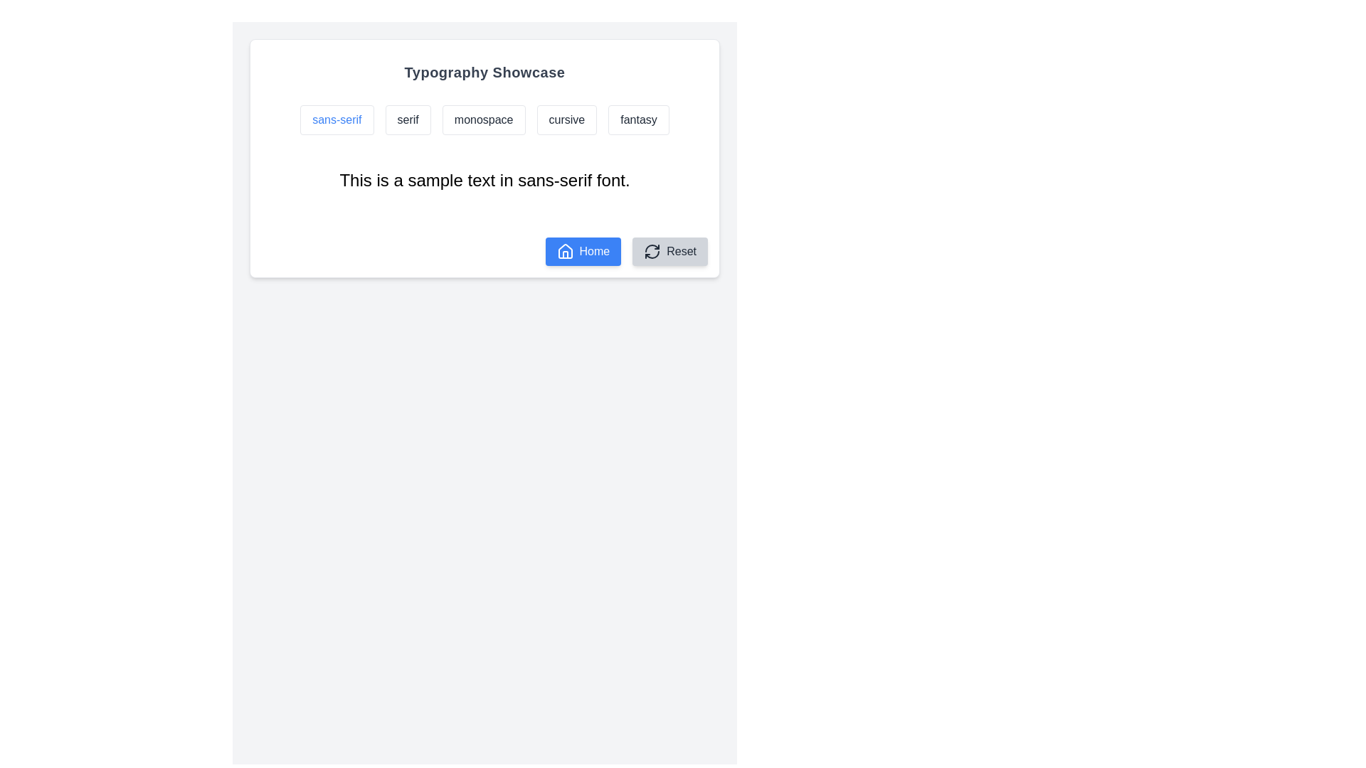  What do you see at coordinates (485, 119) in the screenshot?
I see `the 'monospace' font style button, which is the third button in a group of five located in the 'Typography Showcase' card` at bounding box center [485, 119].